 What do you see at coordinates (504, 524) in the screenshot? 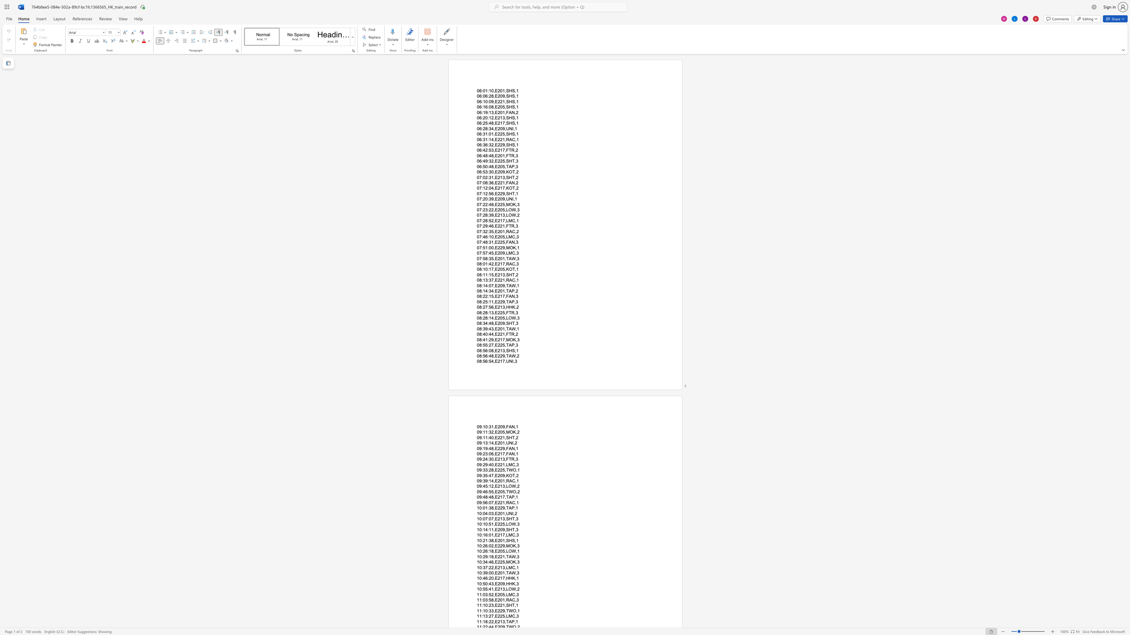
I see `the subset text ",LOW" within the text "10:10:51,E225,LOW,3"` at bounding box center [504, 524].